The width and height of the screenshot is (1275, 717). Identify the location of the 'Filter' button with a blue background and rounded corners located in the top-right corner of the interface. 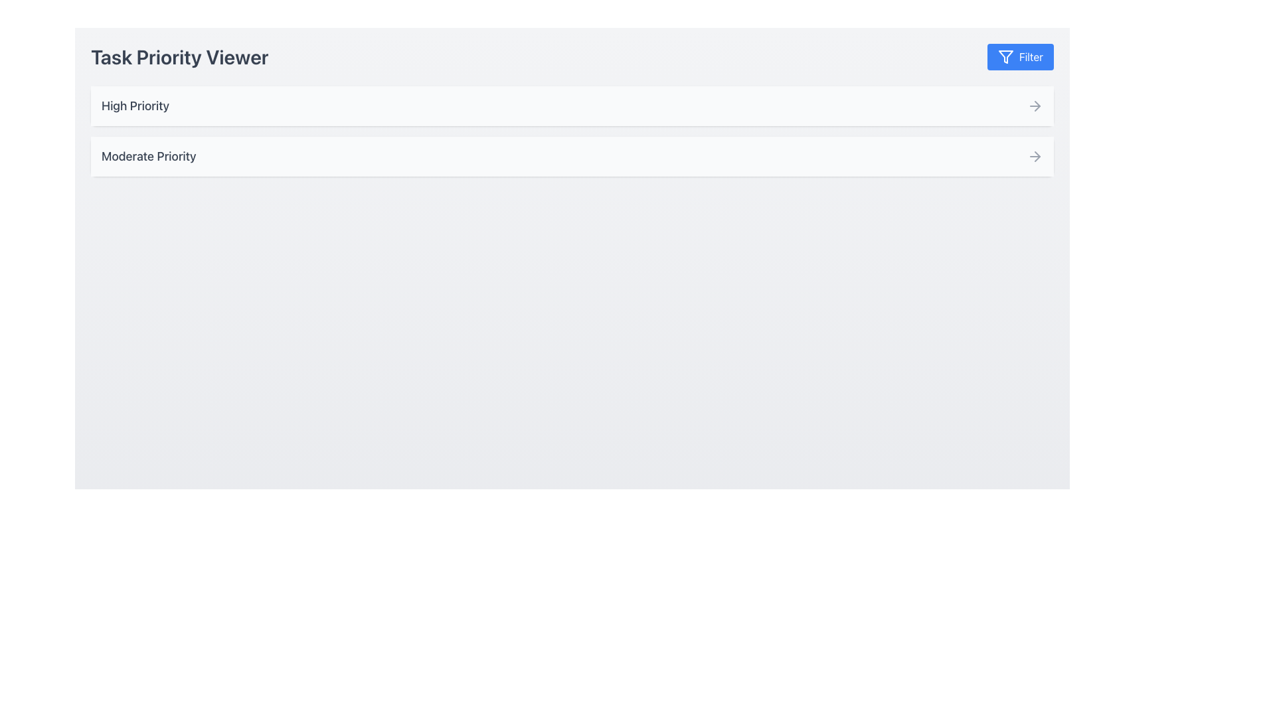
(1019, 56).